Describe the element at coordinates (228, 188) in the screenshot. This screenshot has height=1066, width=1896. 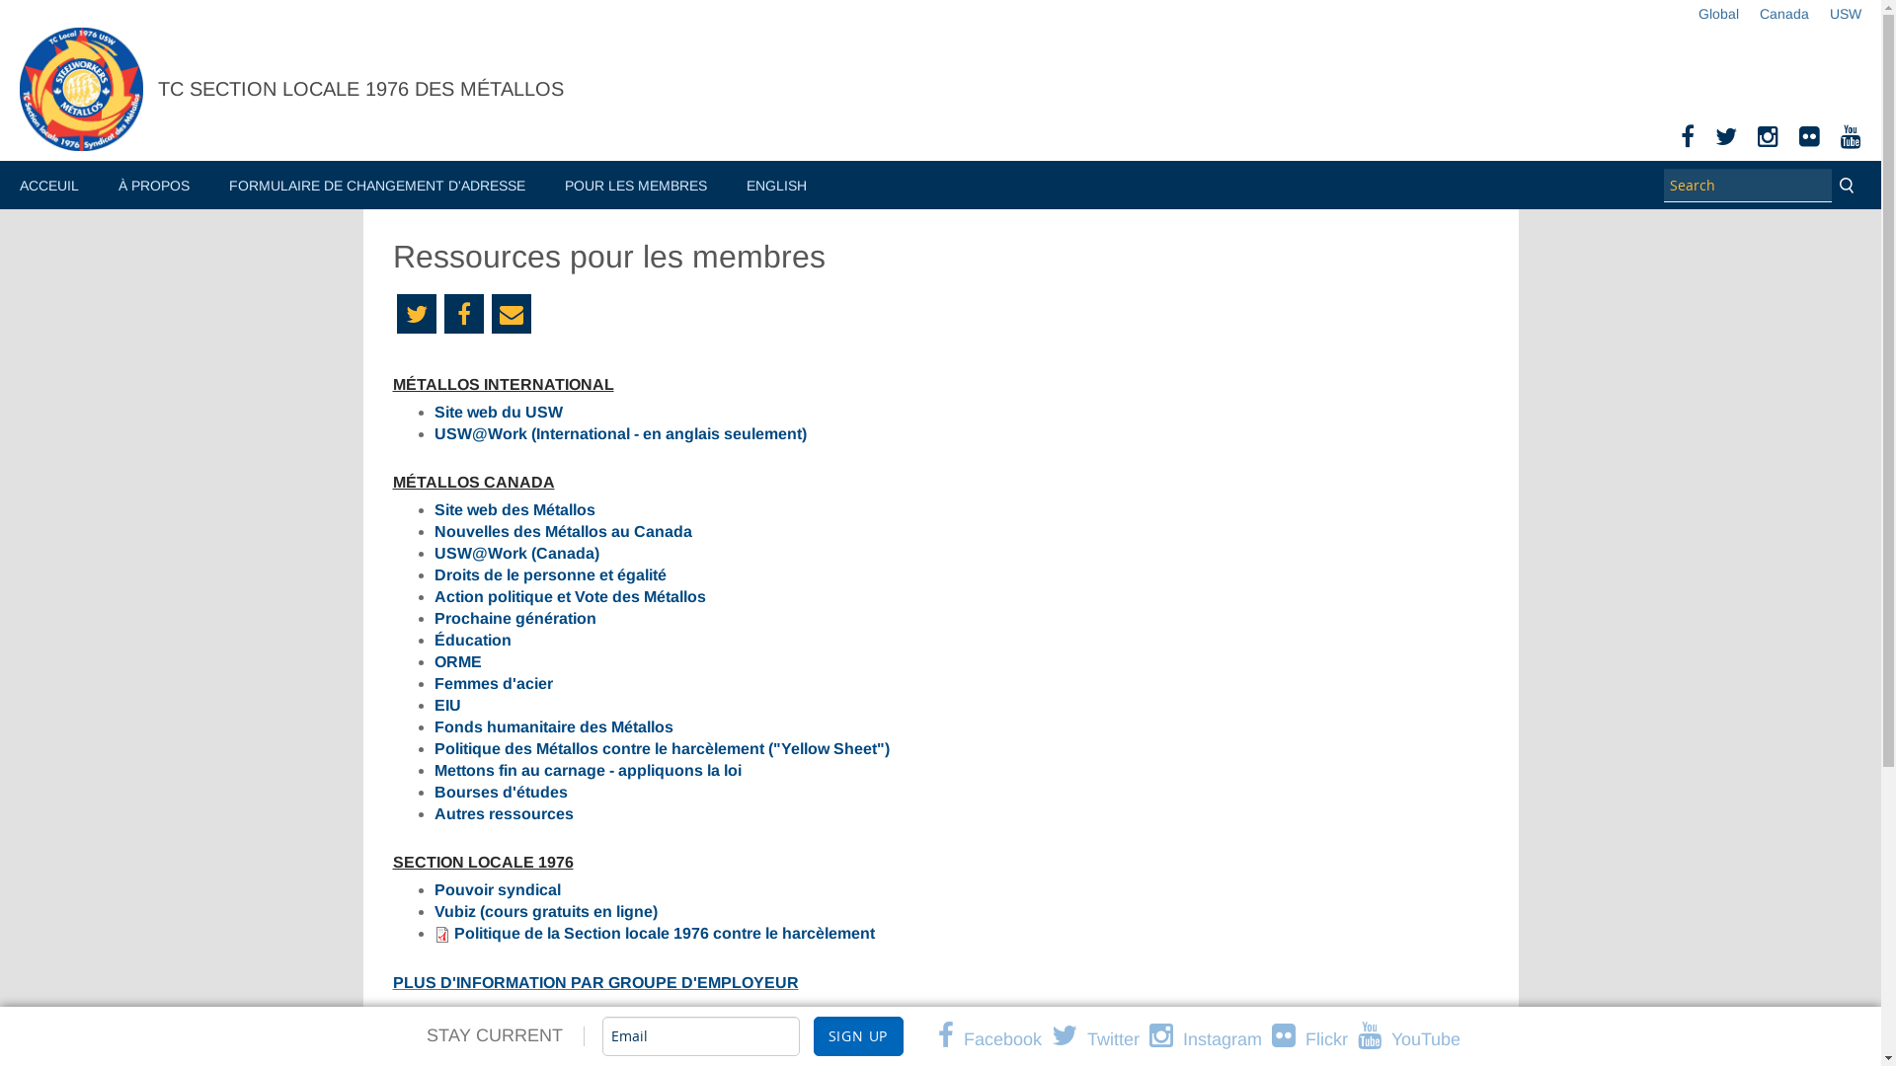
I see `'FORMULAIRE DE CHANGEMENT D'ADRESSE'` at that location.